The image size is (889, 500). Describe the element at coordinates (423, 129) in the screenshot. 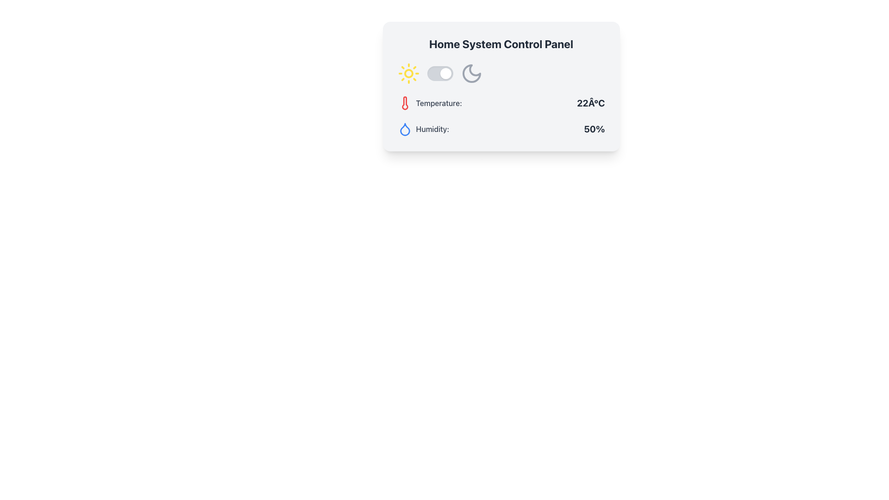

I see `the text label 'Humidity:' which is located in the lower-left corner of the 'Home System Control Panel'` at that location.